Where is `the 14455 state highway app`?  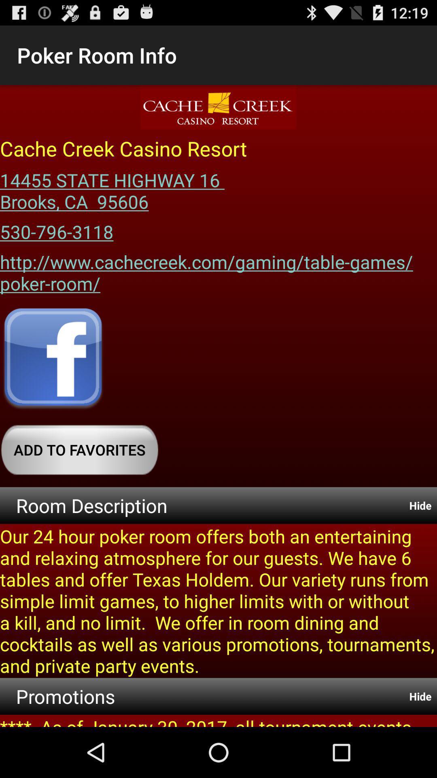
the 14455 state highway app is located at coordinates (115, 188).